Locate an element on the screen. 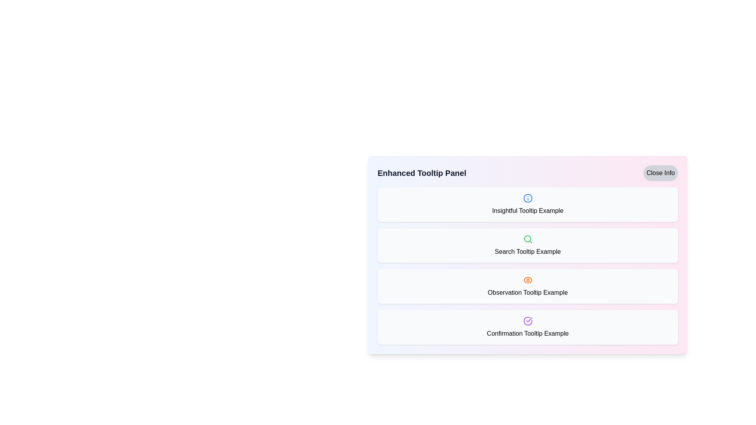  the Informative panel with a magnifying glass icon and 'Search Tooltip Example' text is located at coordinates (528, 245).